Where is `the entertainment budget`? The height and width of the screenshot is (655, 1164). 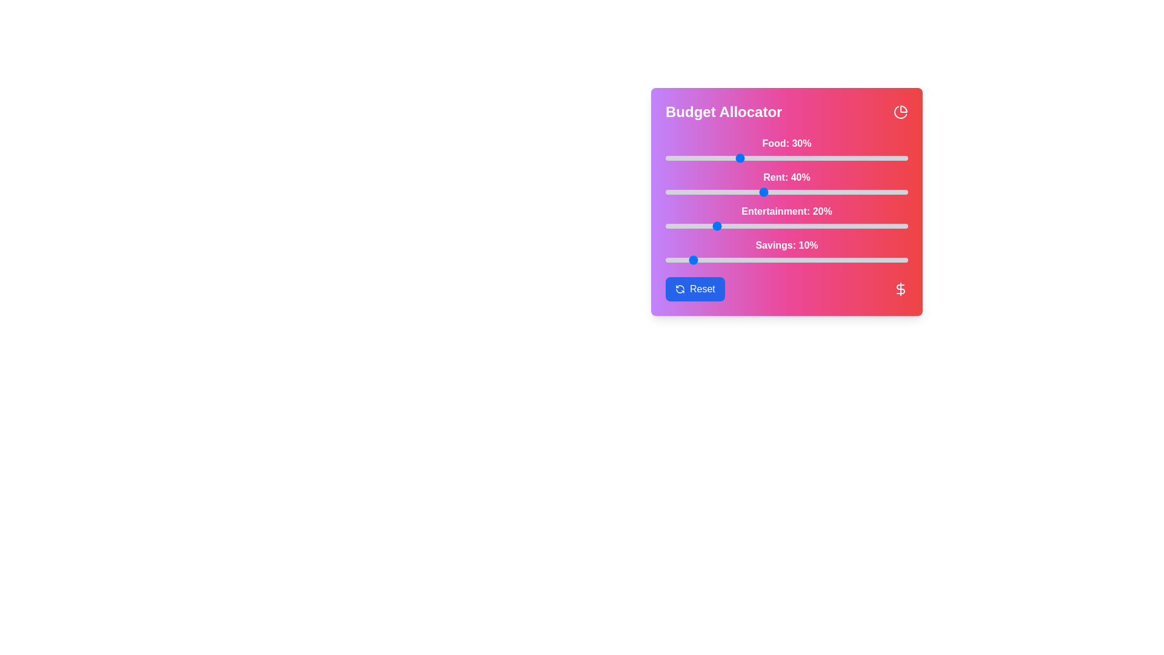 the entertainment budget is located at coordinates (869, 226).